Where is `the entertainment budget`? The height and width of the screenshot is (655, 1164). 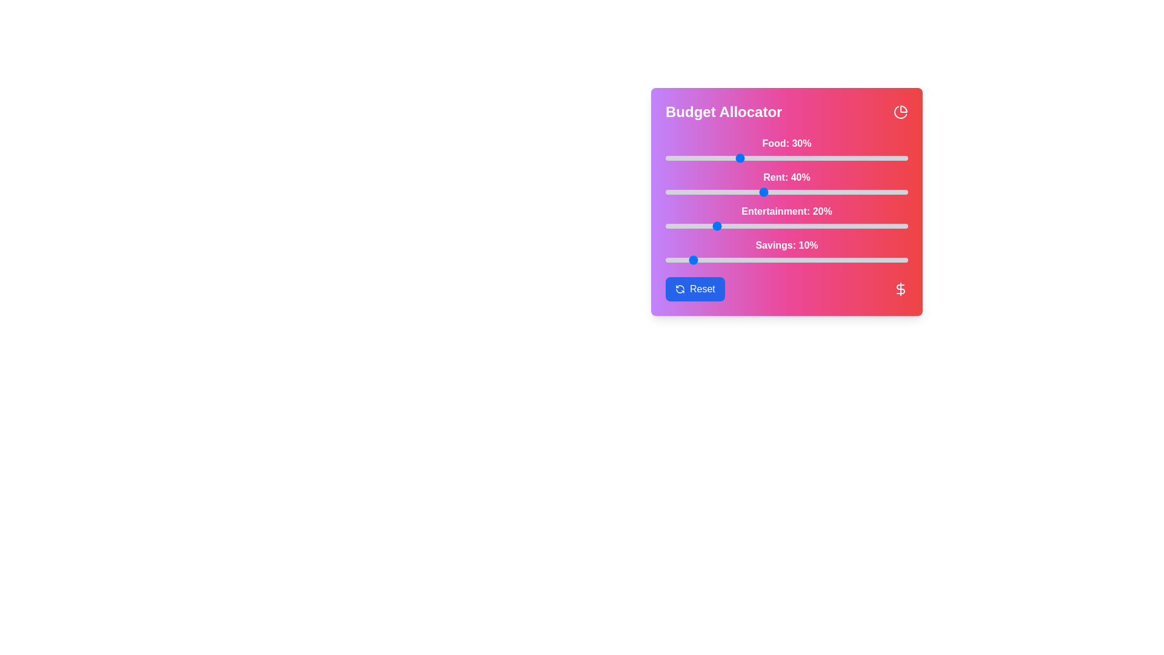 the entertainment budget is located at coordinates (869, 226).